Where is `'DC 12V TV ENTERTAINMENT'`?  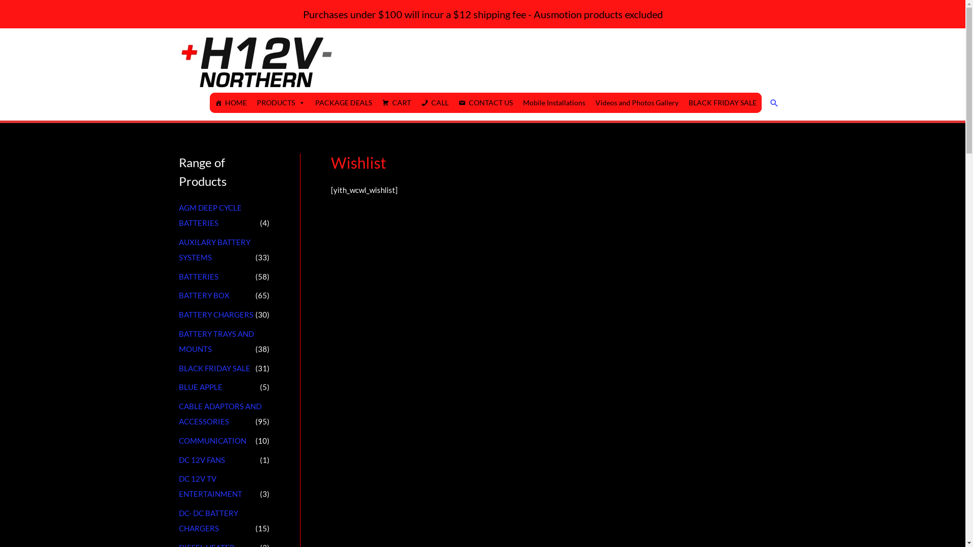 'DC 12V TV ENTERTAINMENT' is located at coordinates (209, 486).